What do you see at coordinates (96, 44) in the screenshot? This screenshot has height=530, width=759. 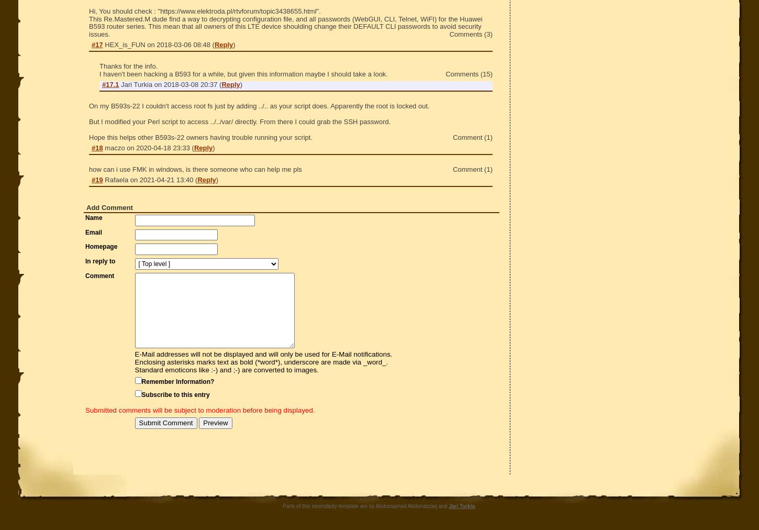 I see `'#17'` at bounding box center [96, 44].